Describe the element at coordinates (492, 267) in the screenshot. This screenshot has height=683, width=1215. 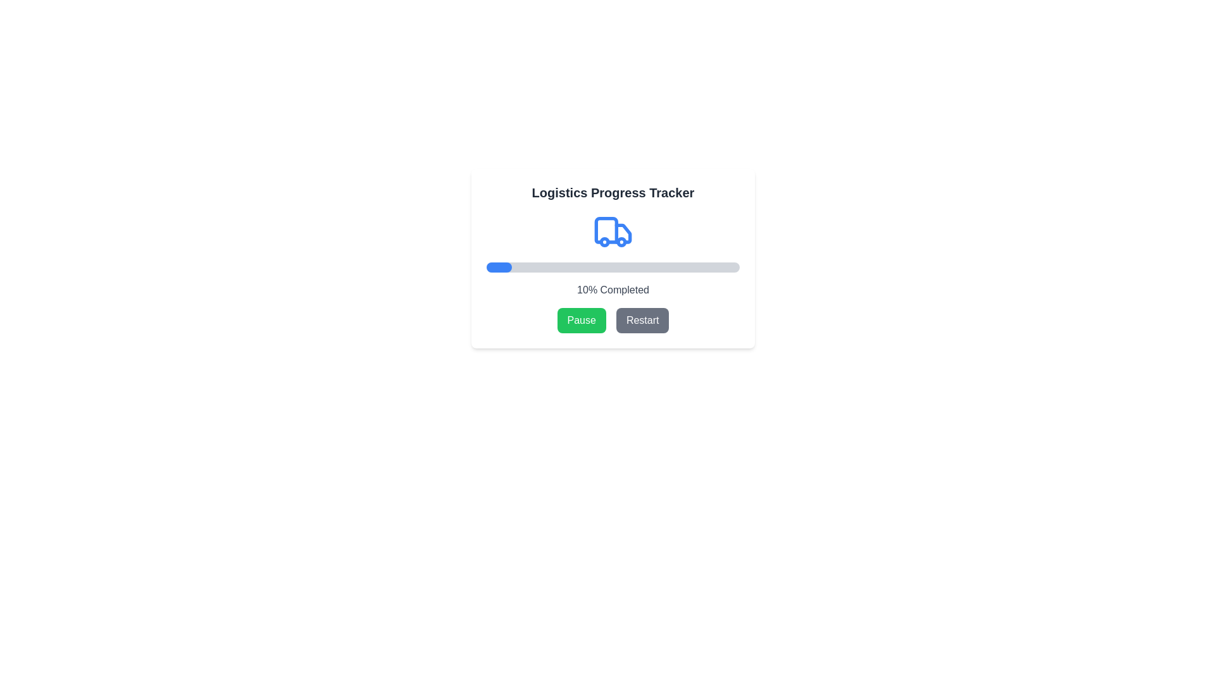
I see `the blue-colored, rounded rectangular segment of the progress indicator located at the far left of the 'Logistics Progress Tracker' progress bar` at that location.